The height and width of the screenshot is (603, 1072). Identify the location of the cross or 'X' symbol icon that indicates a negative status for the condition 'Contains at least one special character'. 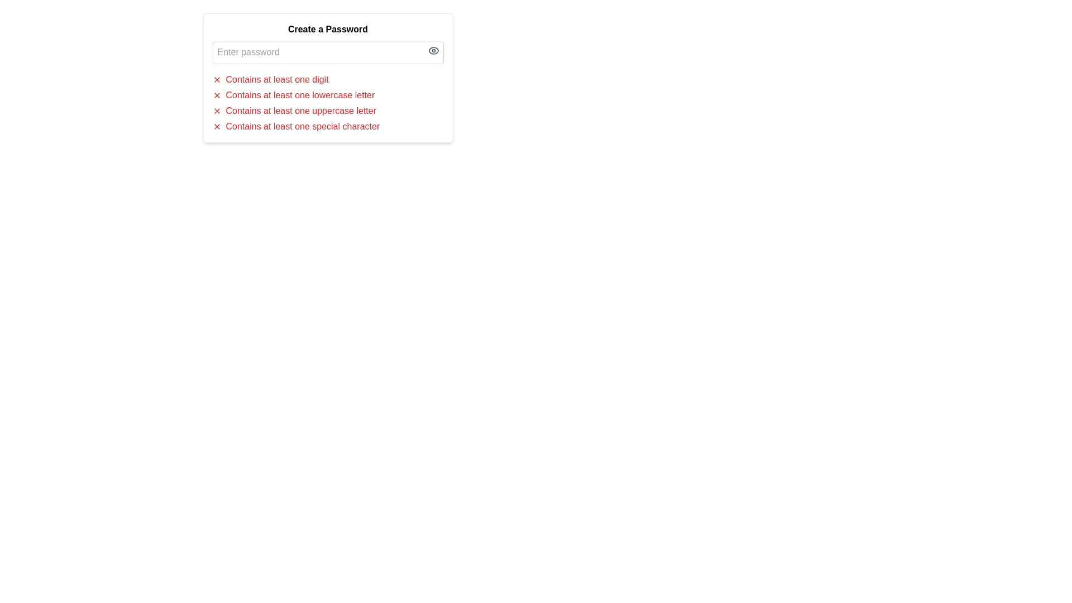
(217, 126).